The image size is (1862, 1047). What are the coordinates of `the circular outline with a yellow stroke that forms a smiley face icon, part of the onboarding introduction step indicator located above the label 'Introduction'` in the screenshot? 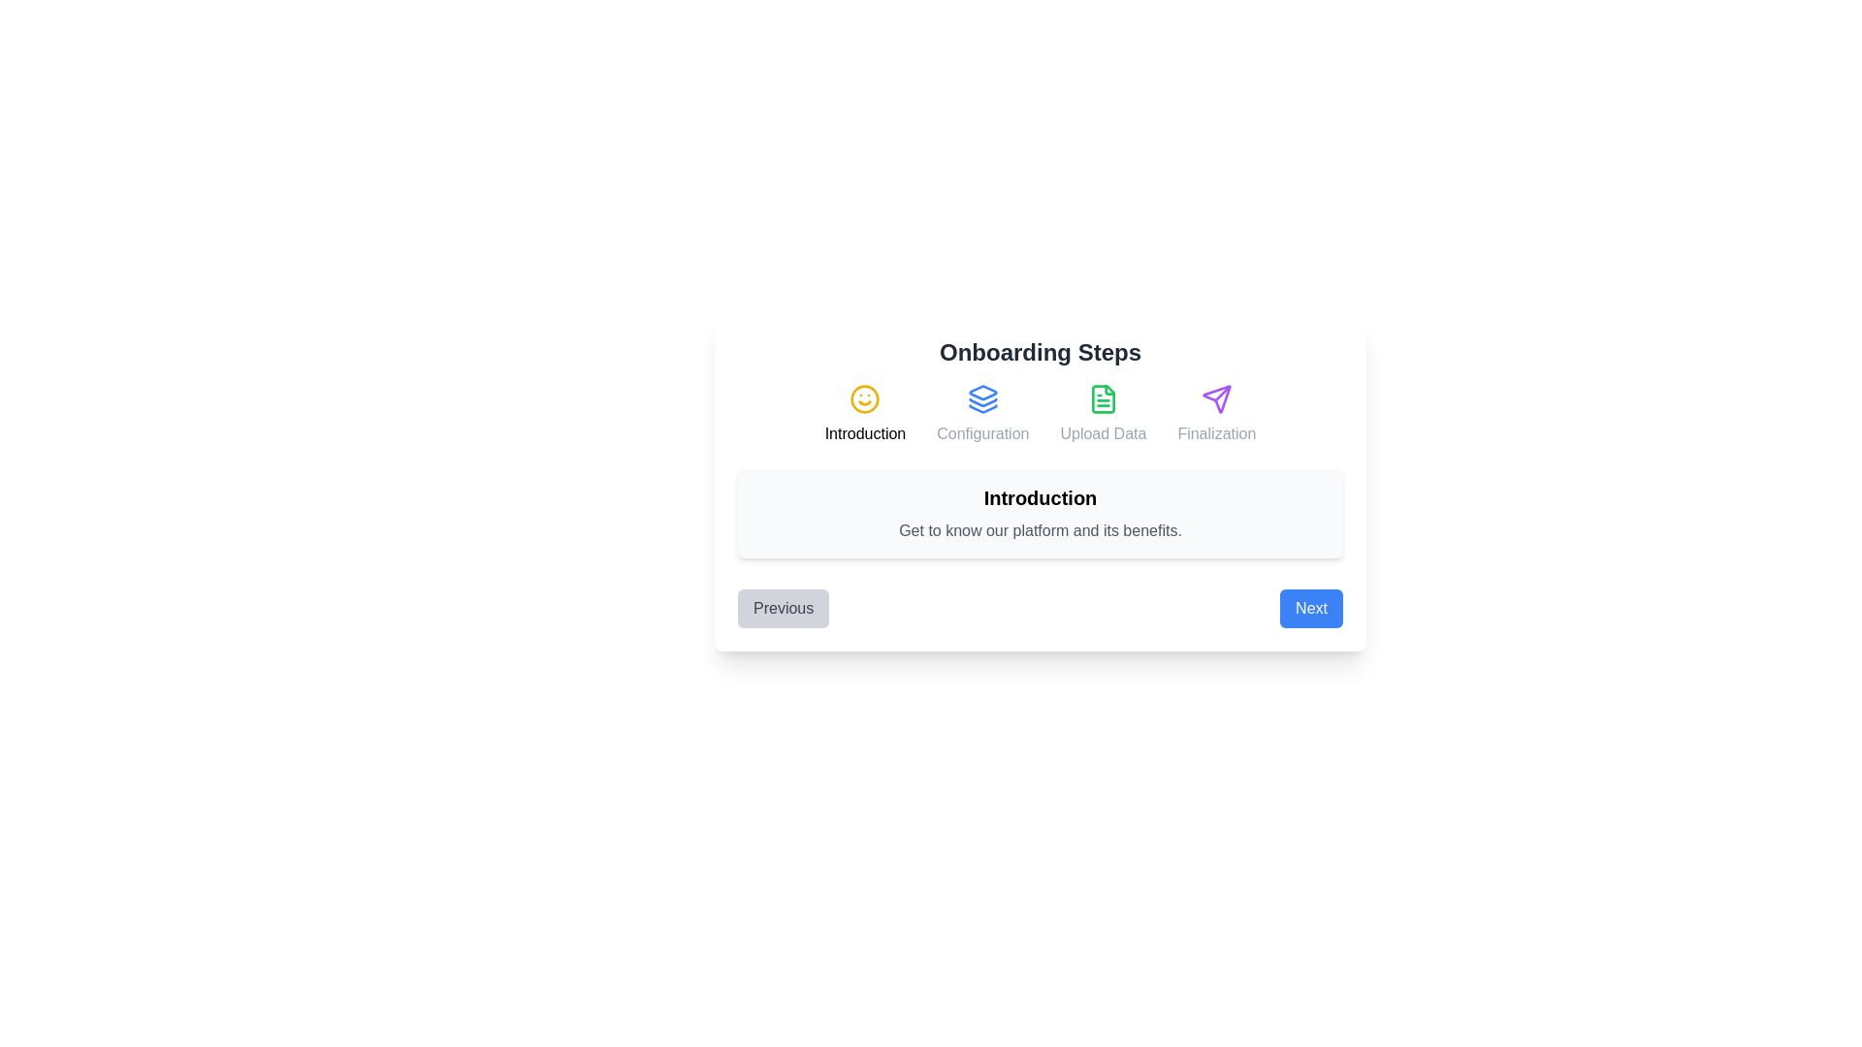 It's located at (864, 398).